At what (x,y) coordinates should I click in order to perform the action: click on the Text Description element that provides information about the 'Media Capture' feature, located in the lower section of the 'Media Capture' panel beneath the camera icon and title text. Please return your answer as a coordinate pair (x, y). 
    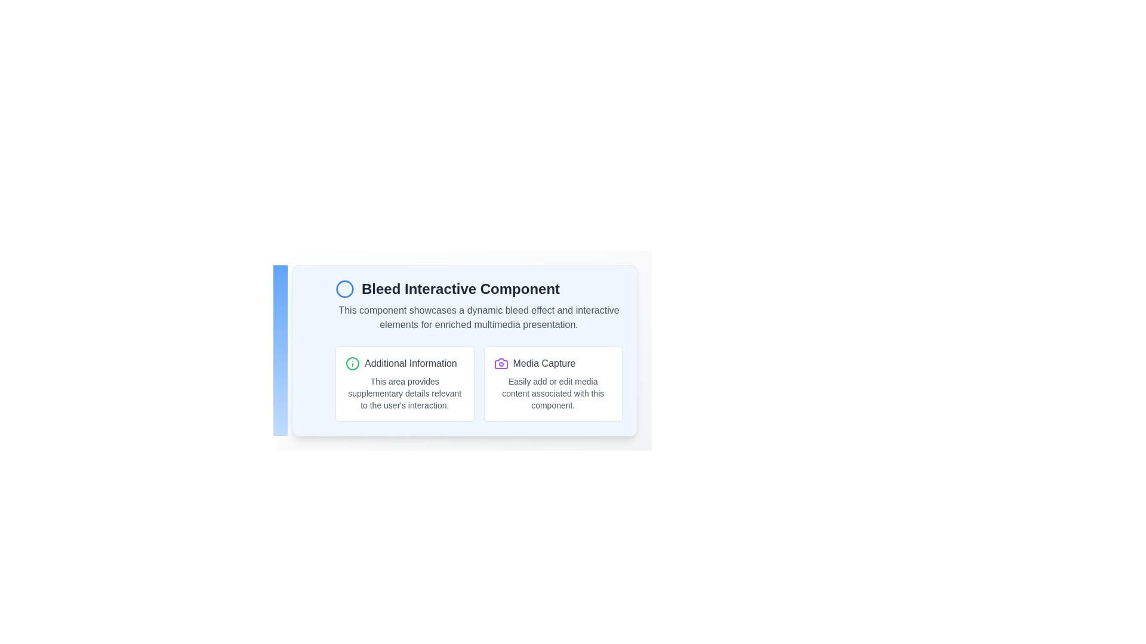
    Looking at the image, I should click on (552, 393).